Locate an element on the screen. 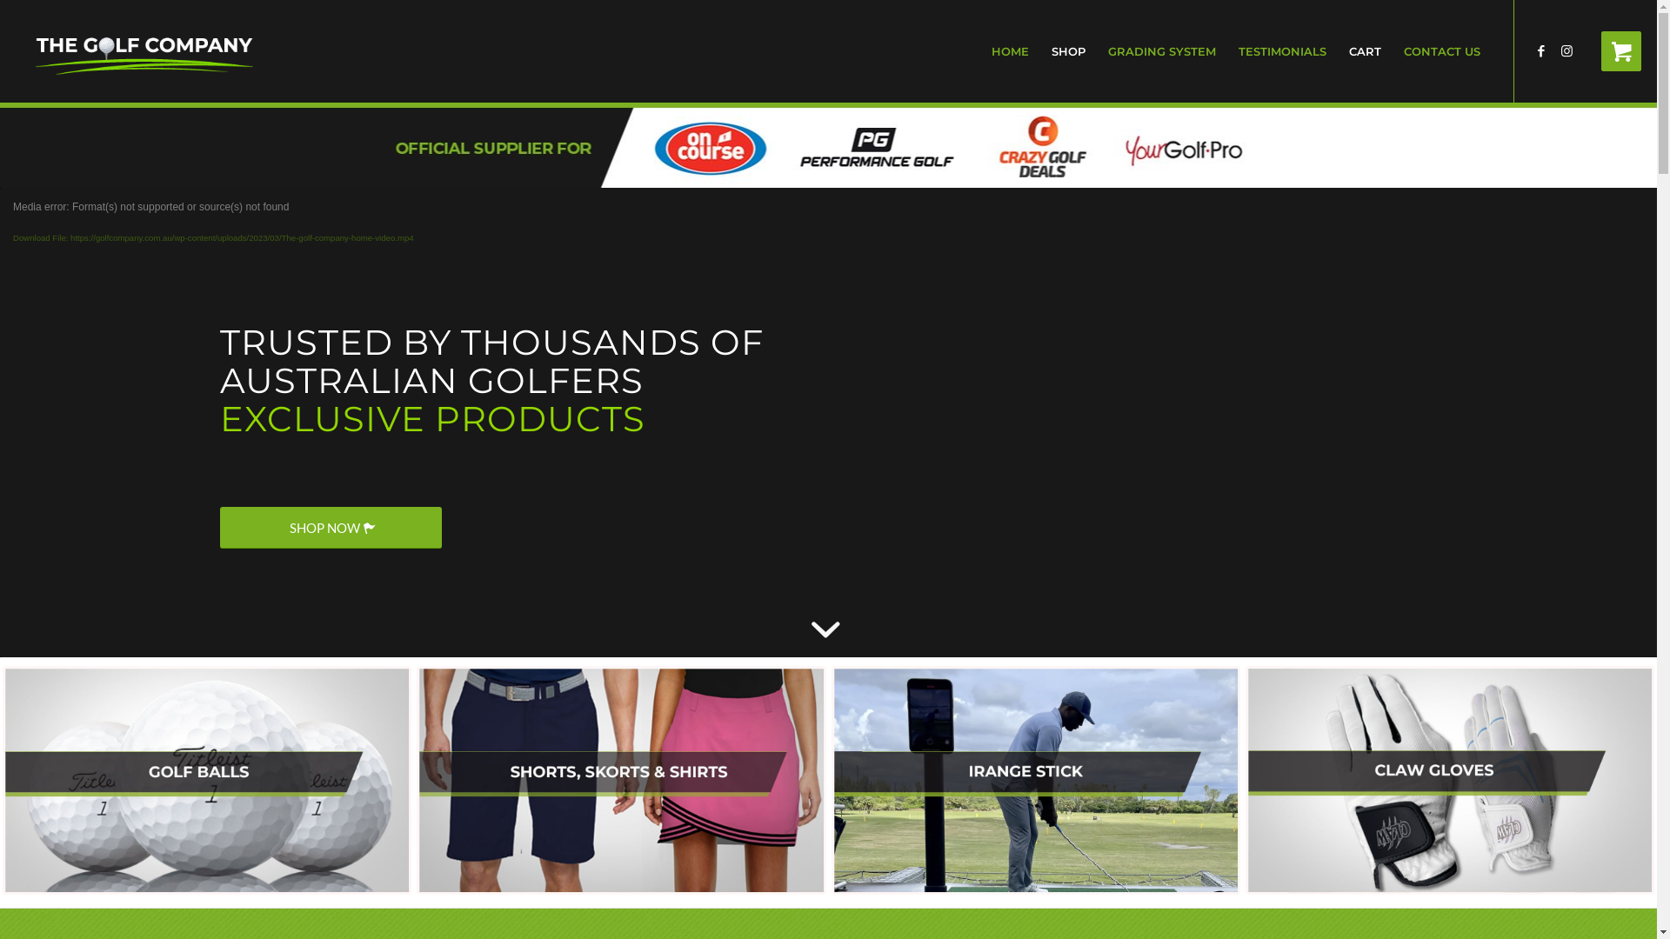 Image resolution: width=1670 pixels, height=939 pixels. 'TESTIMONIALS' is located at coordinates (1282, 50).